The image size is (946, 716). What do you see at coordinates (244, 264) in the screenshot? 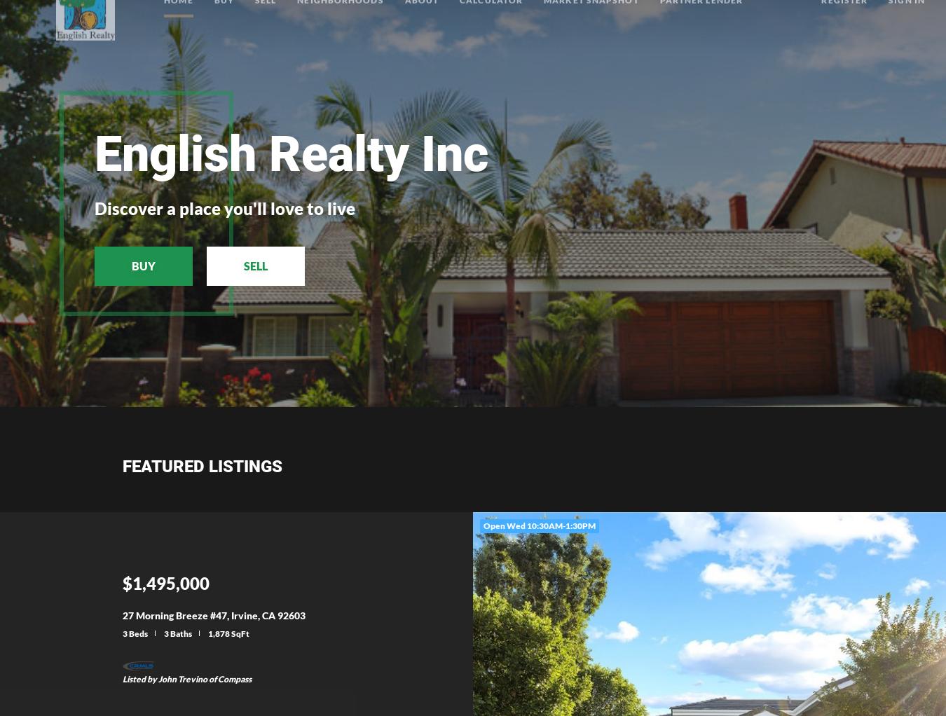
I see `'SELL'` at bounding box center [244, 264].